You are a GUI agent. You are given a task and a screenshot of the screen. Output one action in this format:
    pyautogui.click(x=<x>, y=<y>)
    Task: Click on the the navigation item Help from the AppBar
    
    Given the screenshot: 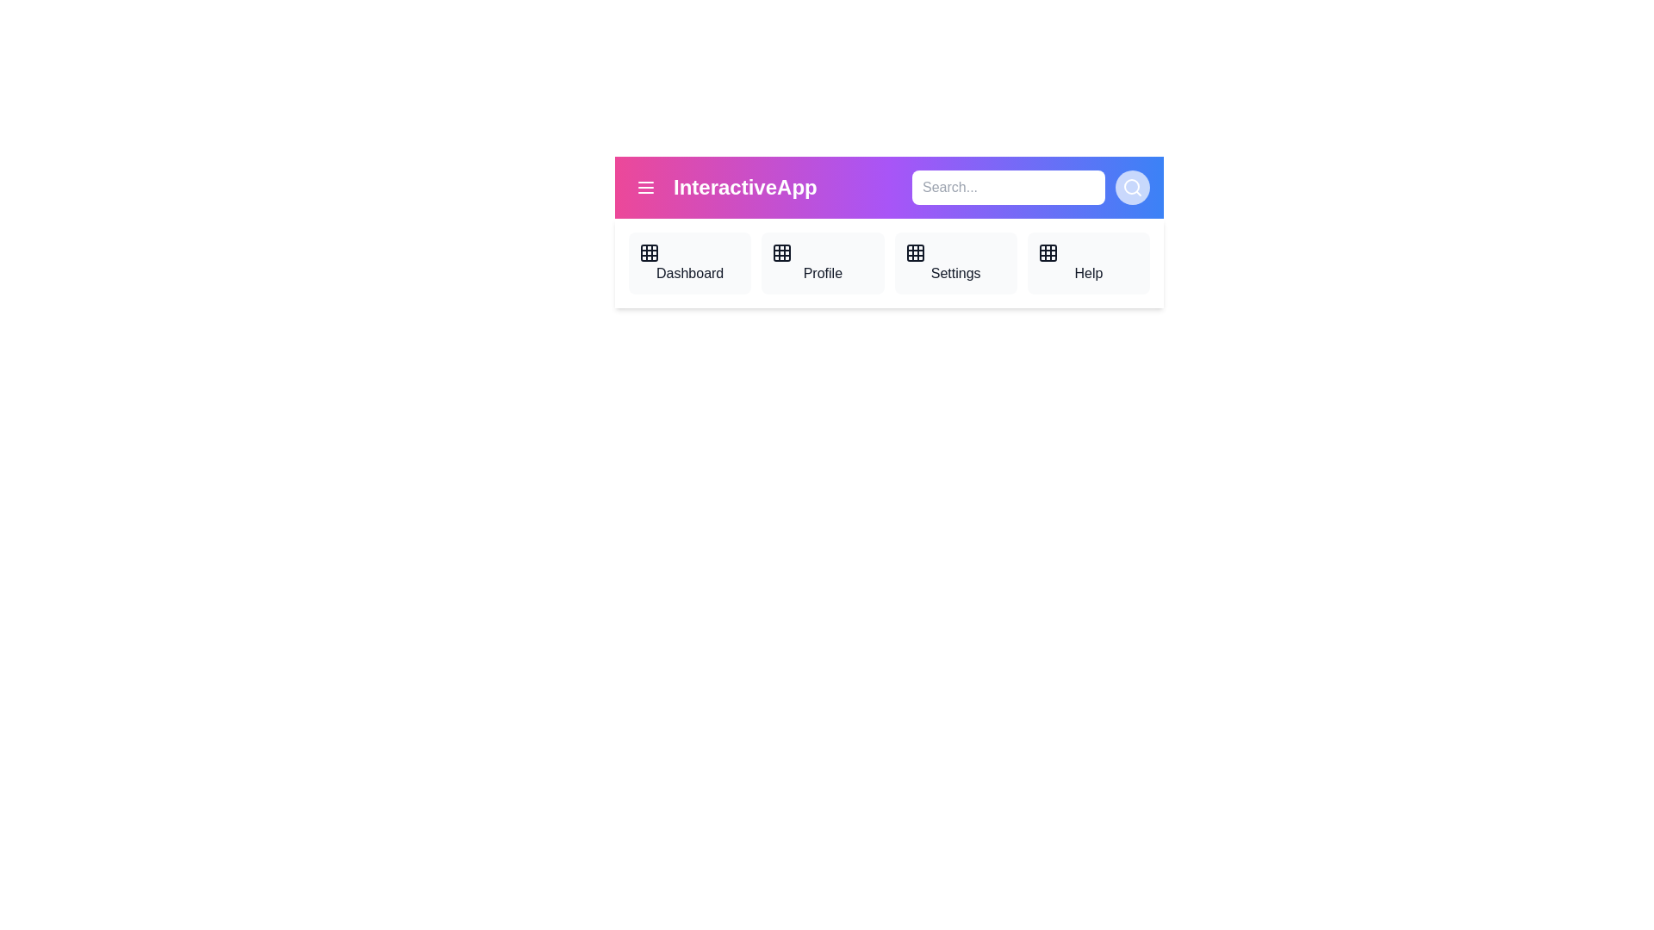 What is the action you would take?
    pyautogui.click(x=1086, y=263)
    